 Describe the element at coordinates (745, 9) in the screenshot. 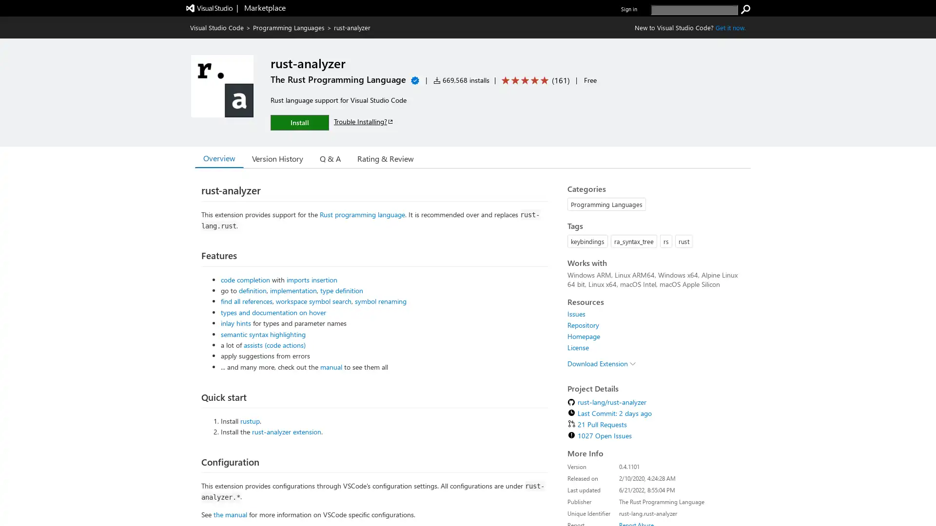

I see `search` at that location.